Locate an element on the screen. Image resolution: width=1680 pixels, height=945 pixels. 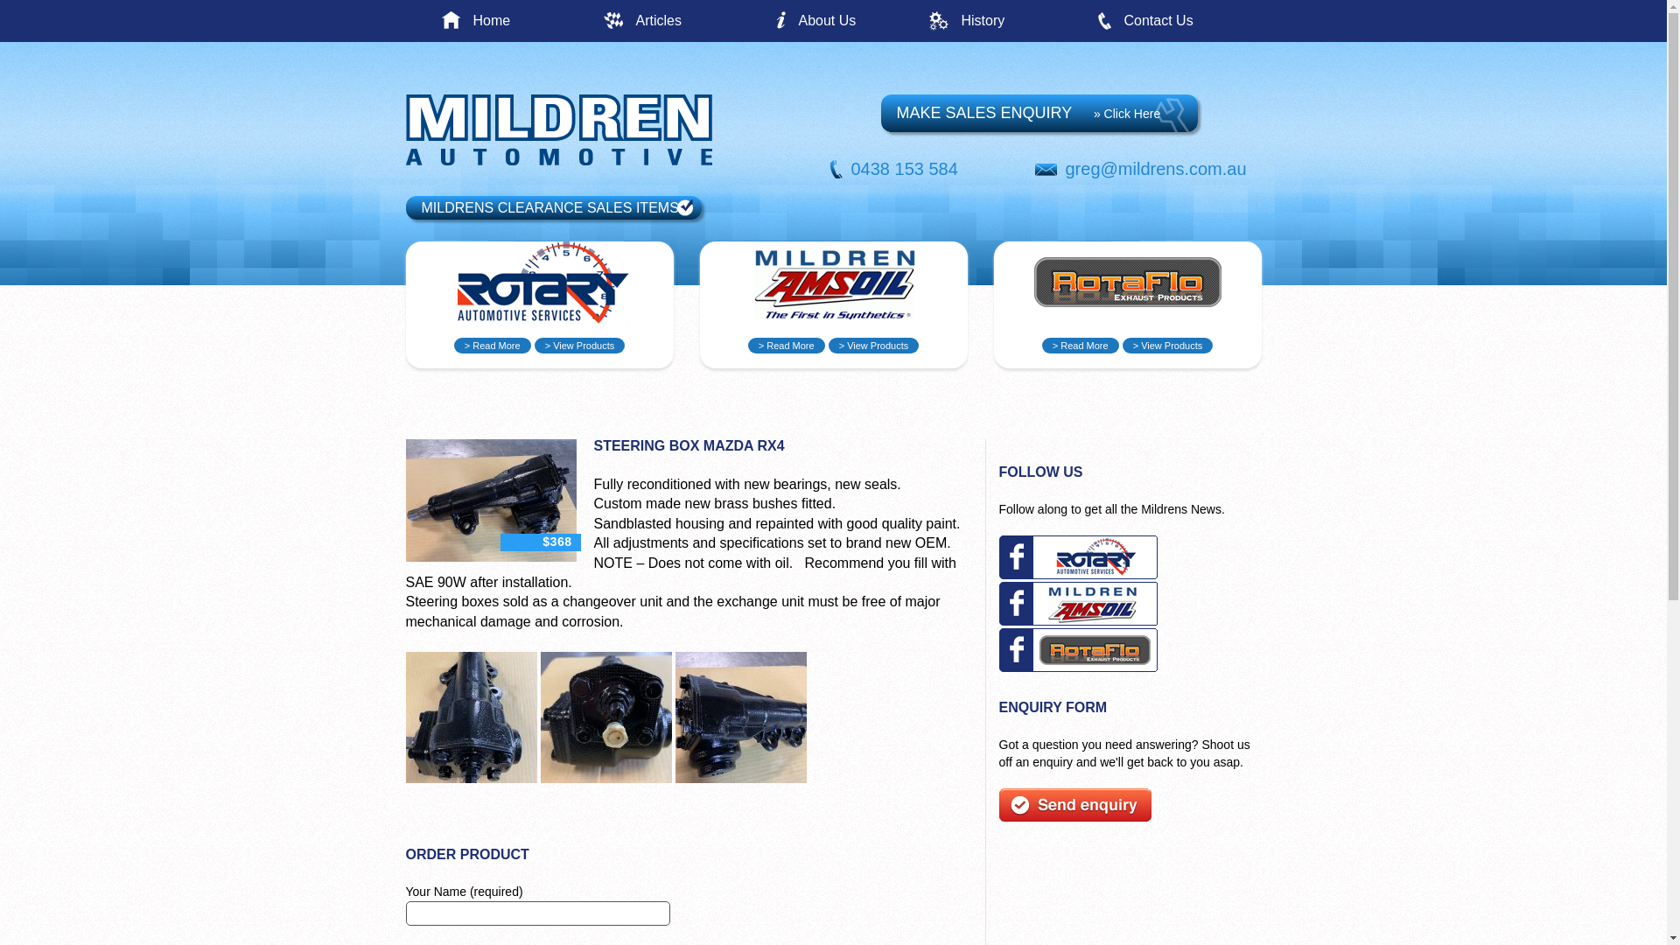
'About Us' is located at coordinates (863, 20).